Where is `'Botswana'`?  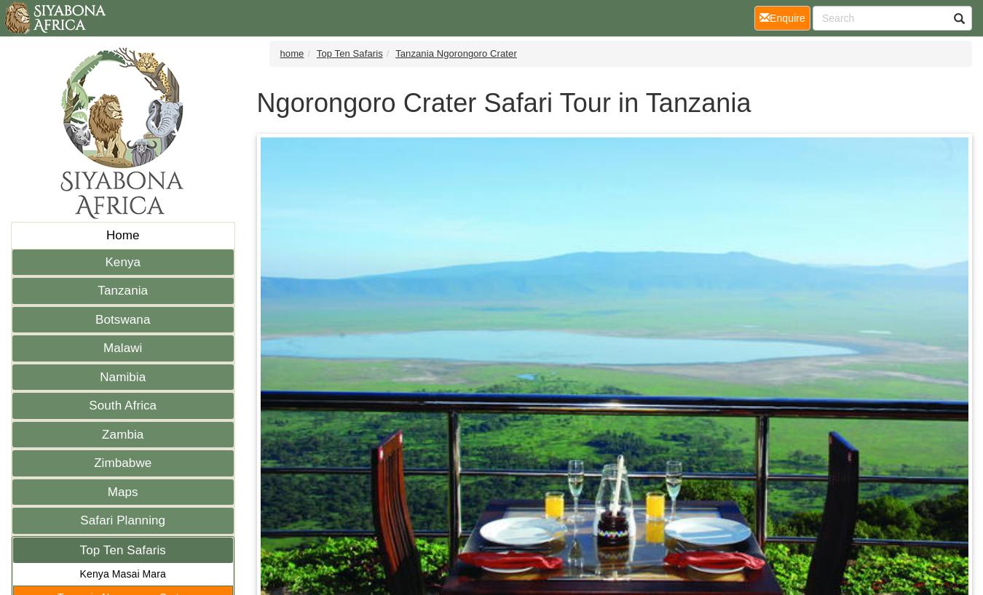 'Botswana' is located at coordinates (122, 318).